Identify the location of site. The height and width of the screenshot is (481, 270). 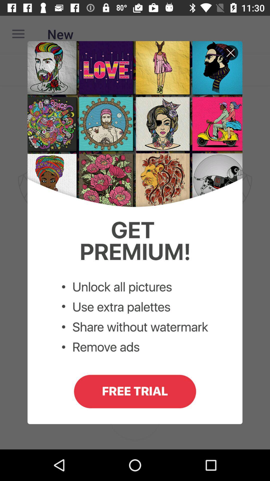
(135, 232).